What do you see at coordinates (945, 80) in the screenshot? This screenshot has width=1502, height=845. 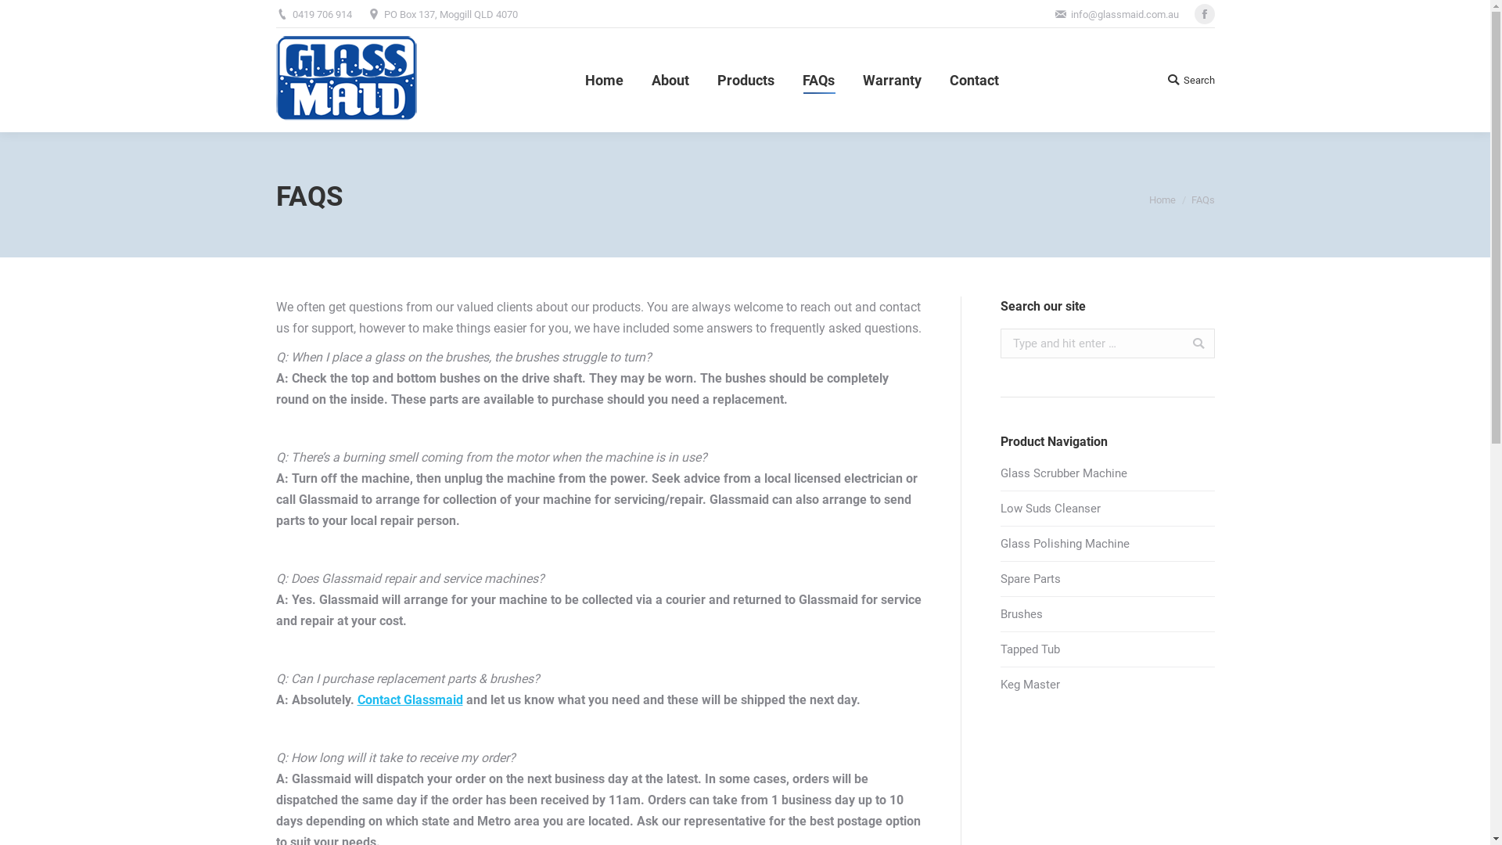 I see `'Contact'` at bounding box center [945, 80].